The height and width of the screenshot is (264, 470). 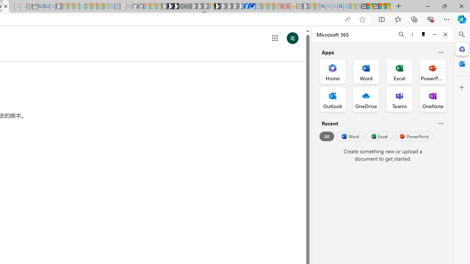 What do you see at coordinates (366, 71) in the screenshot?
I see `'Word Office App'` at bounding box center [366, 71].